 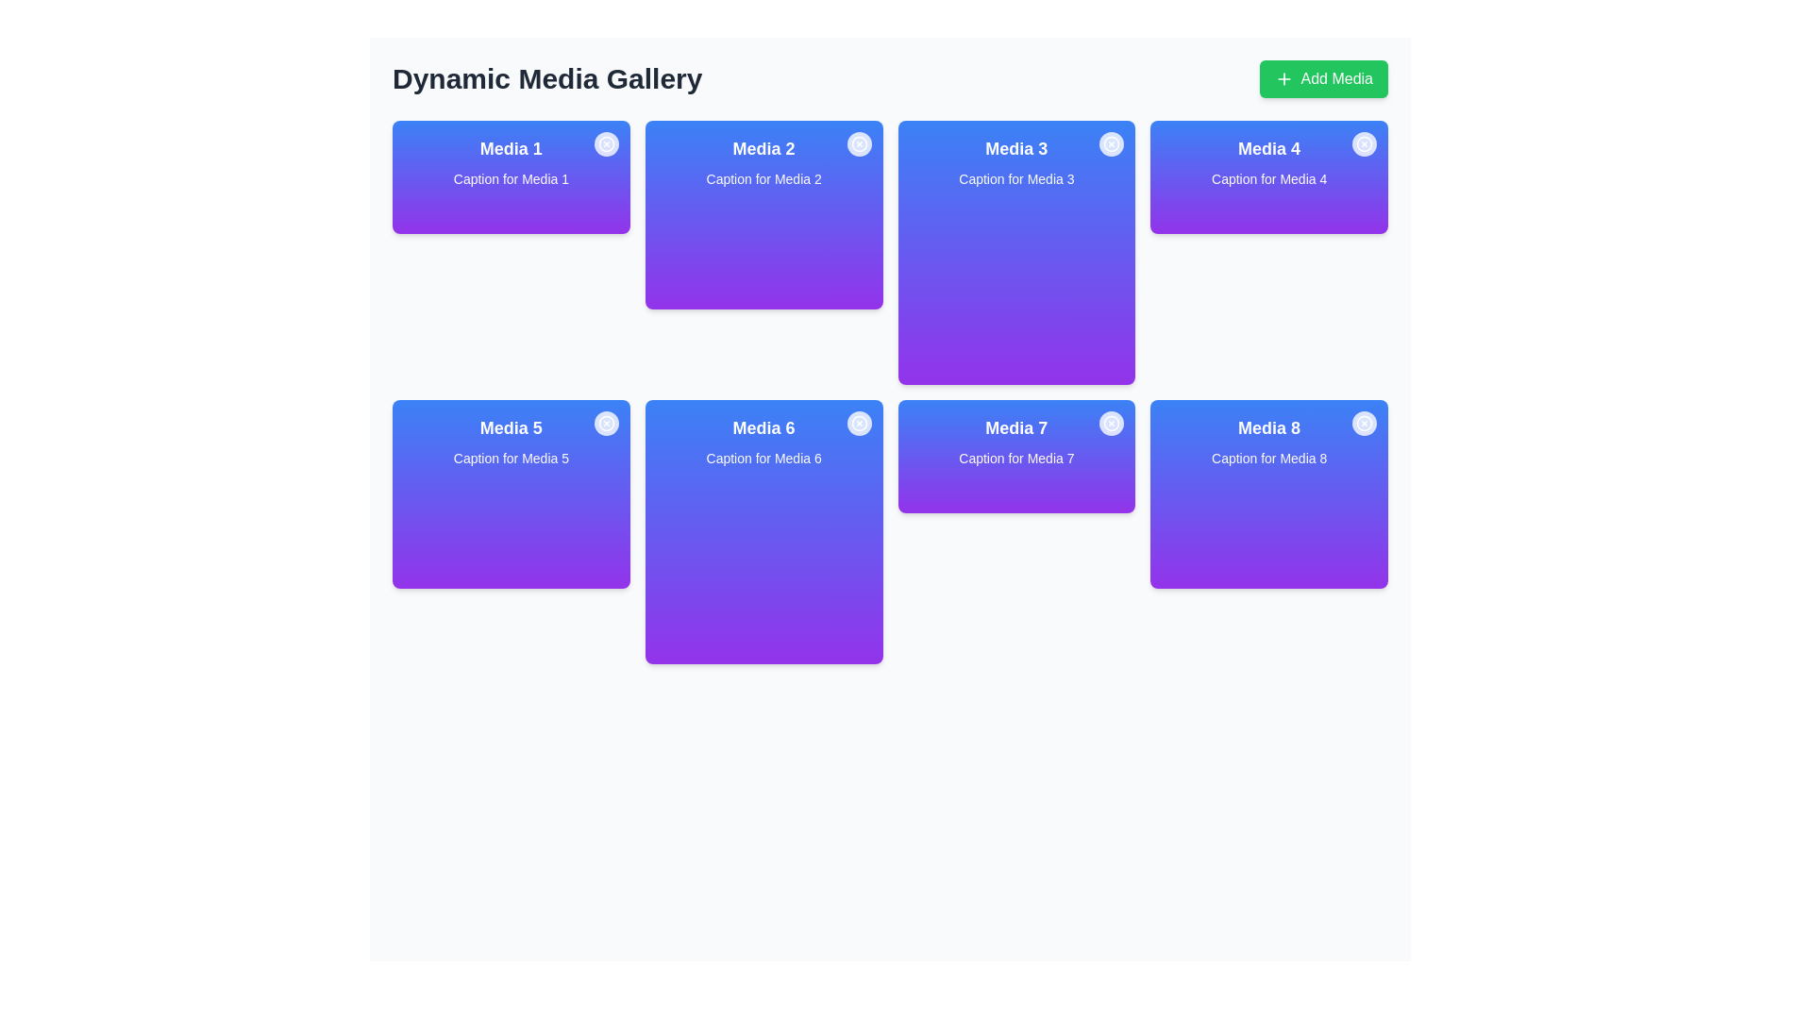 I want to click on the circular close button with a white background located at the top-right corner of the 'Media 8' card, so click(x=1364, y=425).